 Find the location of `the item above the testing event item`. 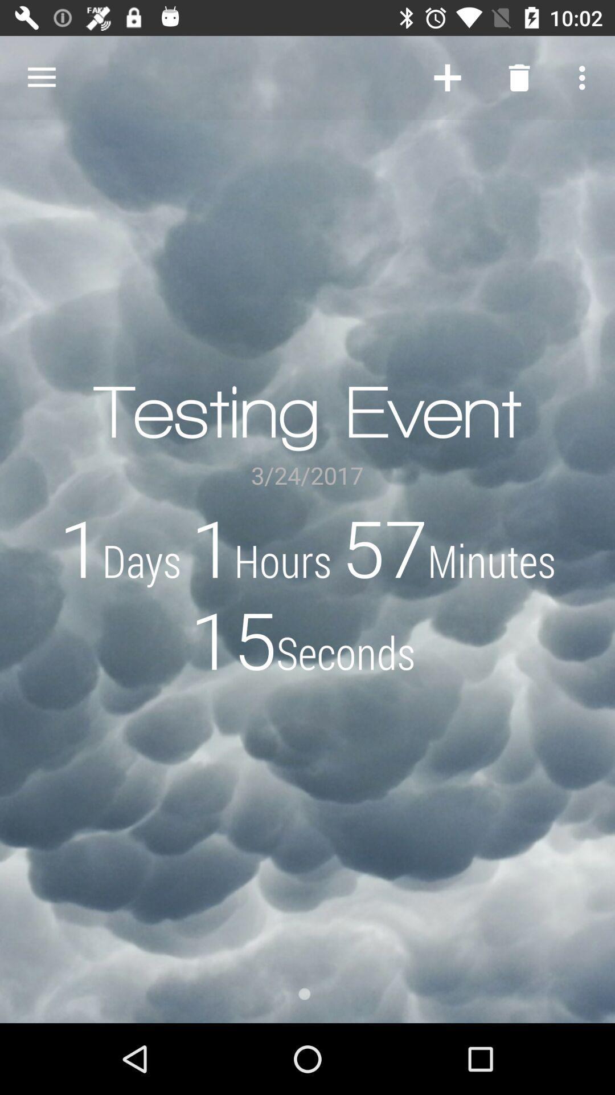

the item above the testing event item is located at coordinates (447, 77).